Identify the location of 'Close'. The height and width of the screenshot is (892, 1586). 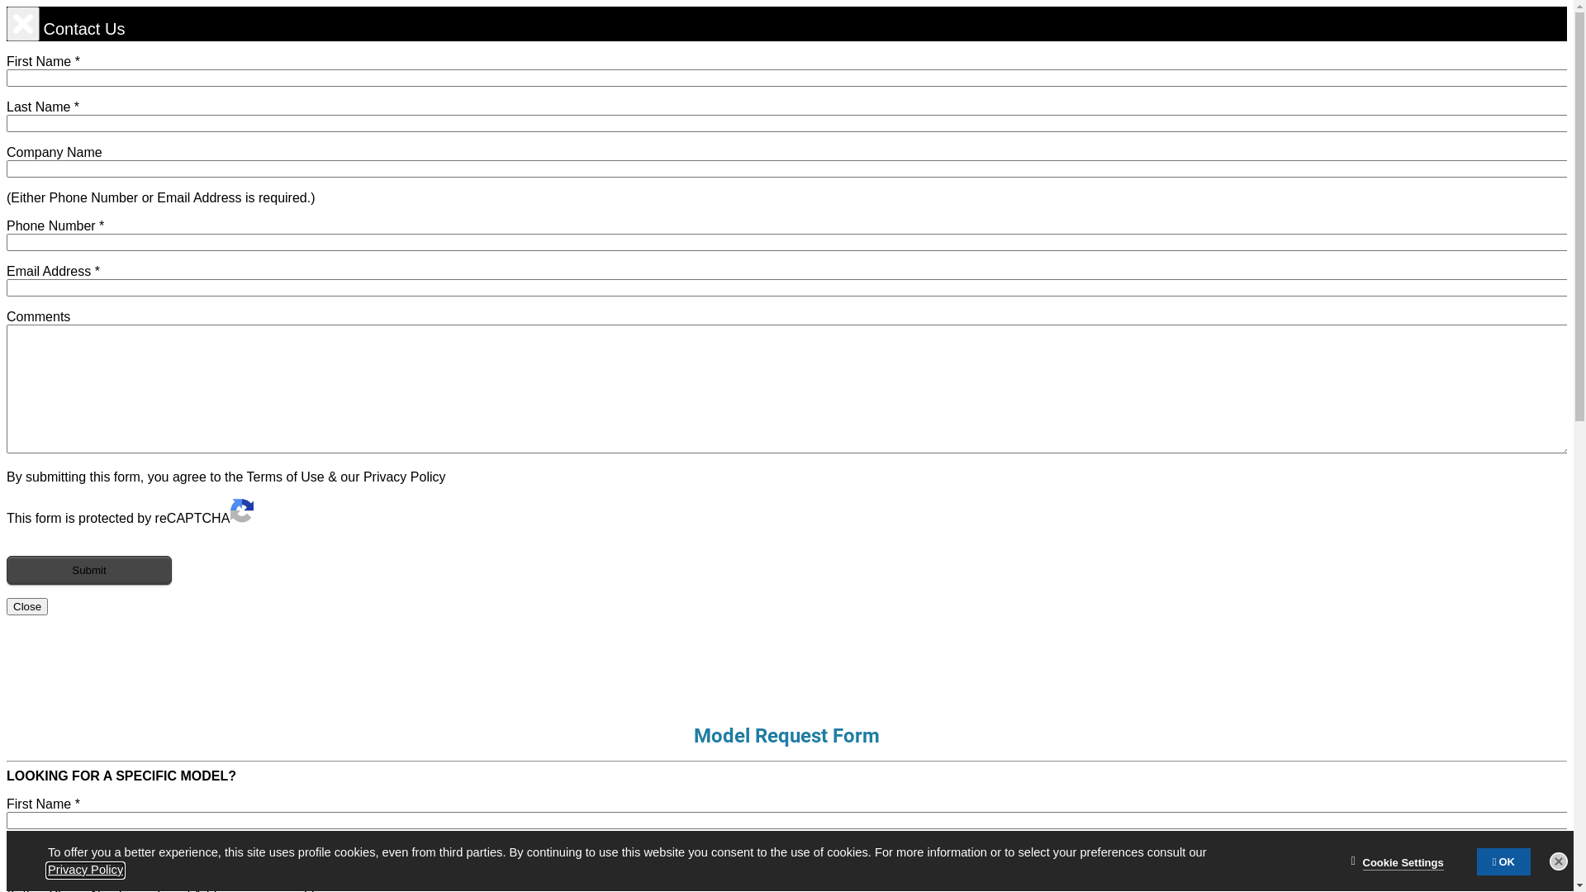
(7, 606).